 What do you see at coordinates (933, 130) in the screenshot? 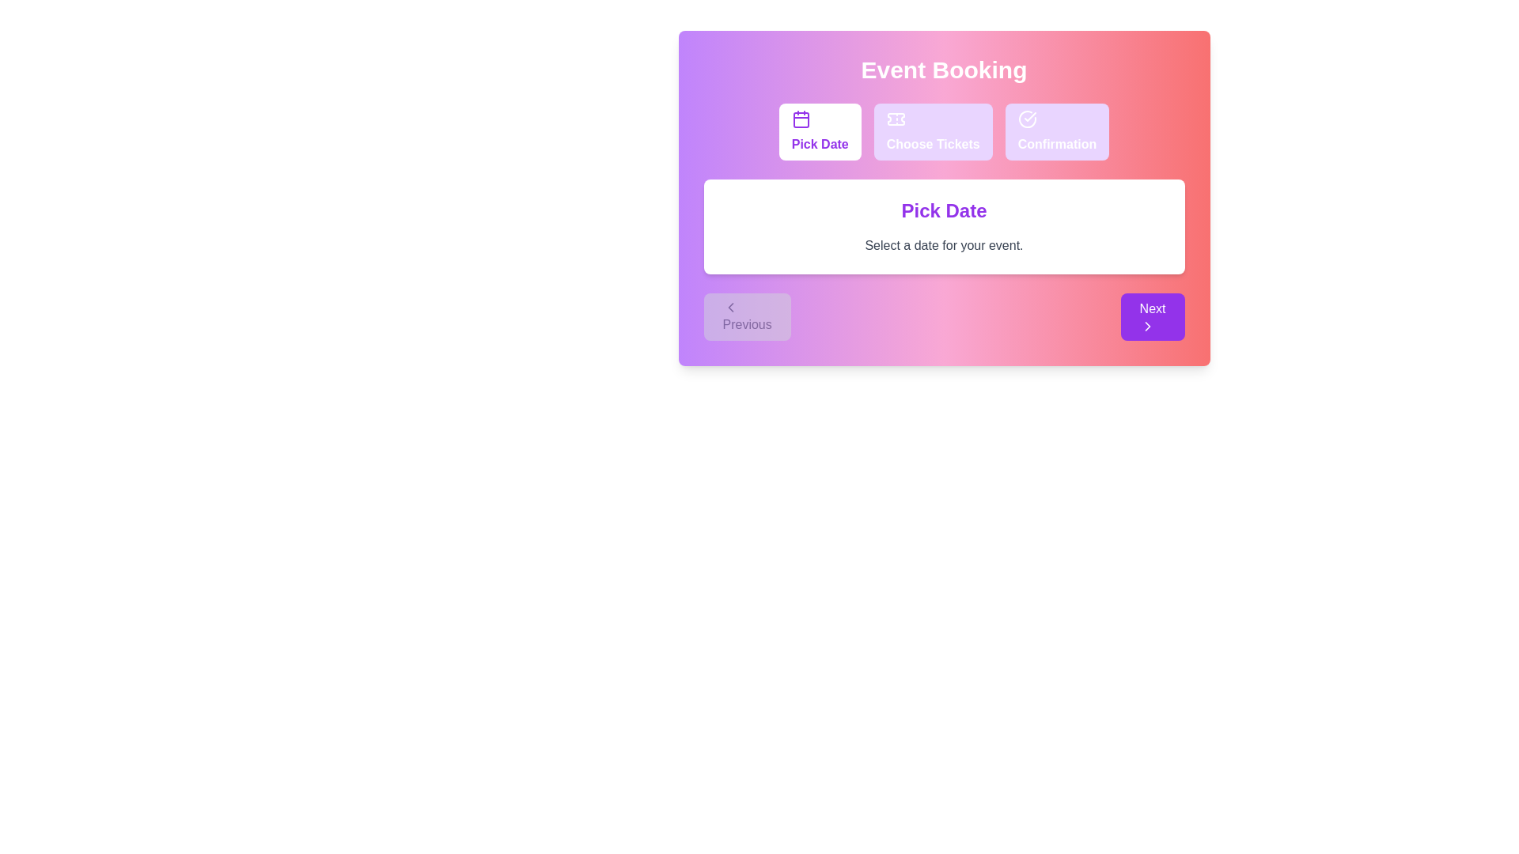
I see `the button that navigates users to the ticket selection phase of the booking process, located in the second position of a horizontal list between 'Pick Date' and 'Confirmation'` at bounding box center [933, 130].